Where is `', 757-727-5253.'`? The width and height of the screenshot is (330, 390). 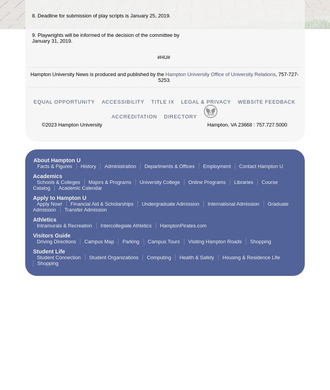
', 757-727-5253.' is located at coordinates (228, 76).